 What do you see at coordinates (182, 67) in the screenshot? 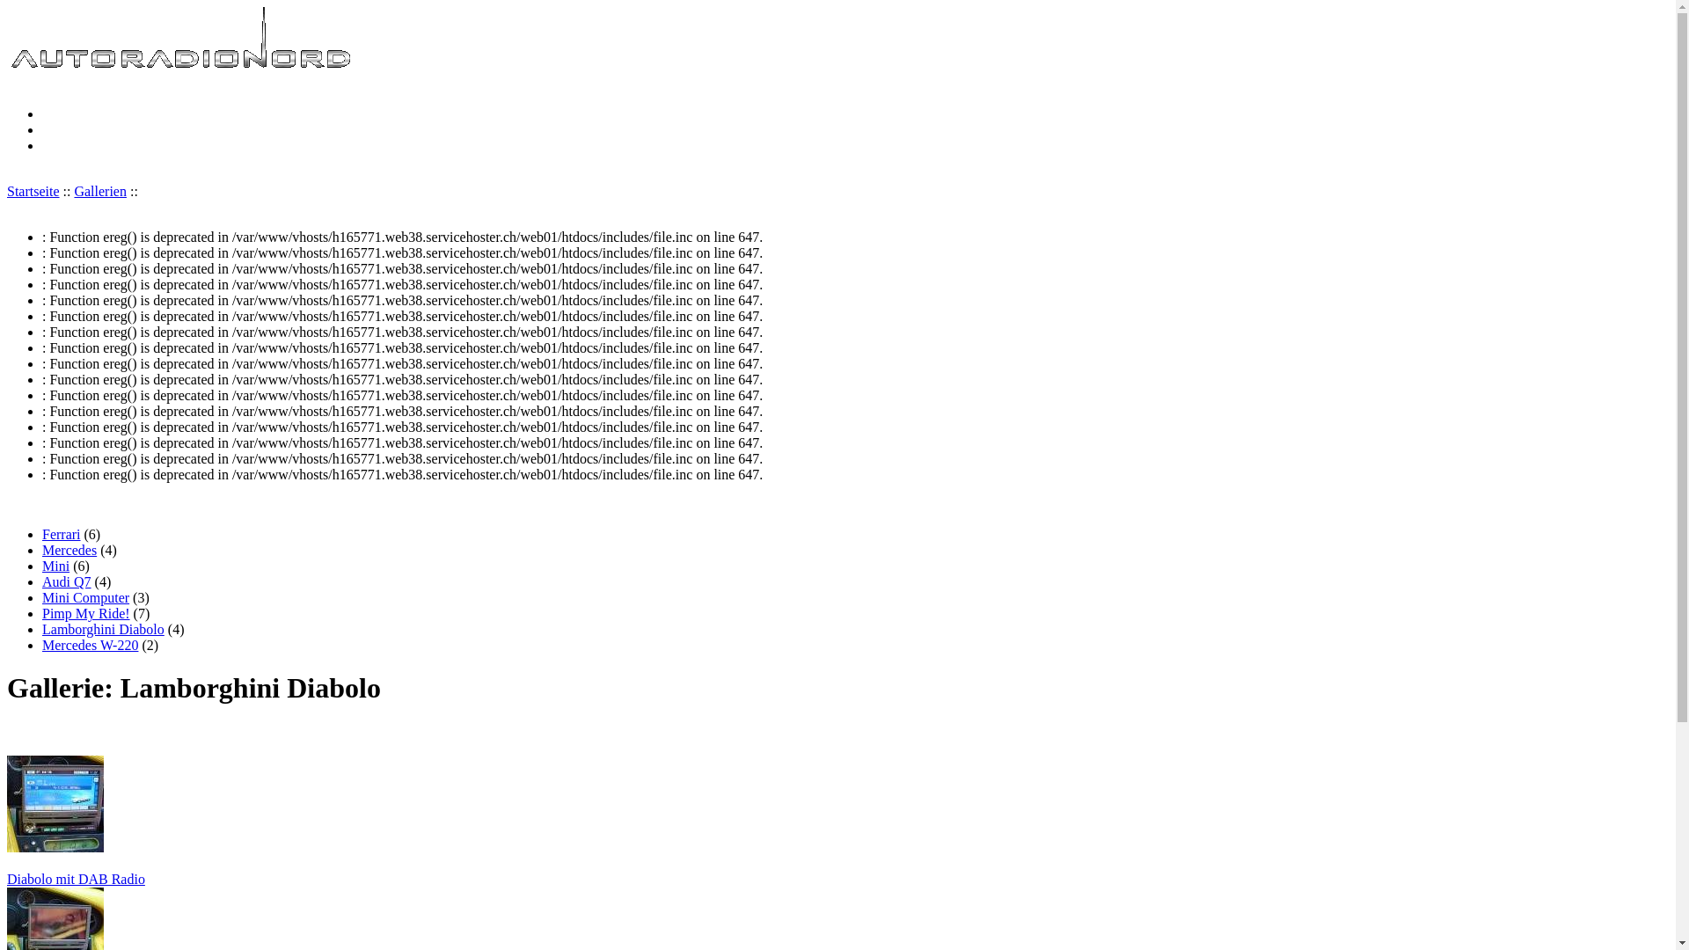
I see `'Startseite'` at bounding box center [182, 67].